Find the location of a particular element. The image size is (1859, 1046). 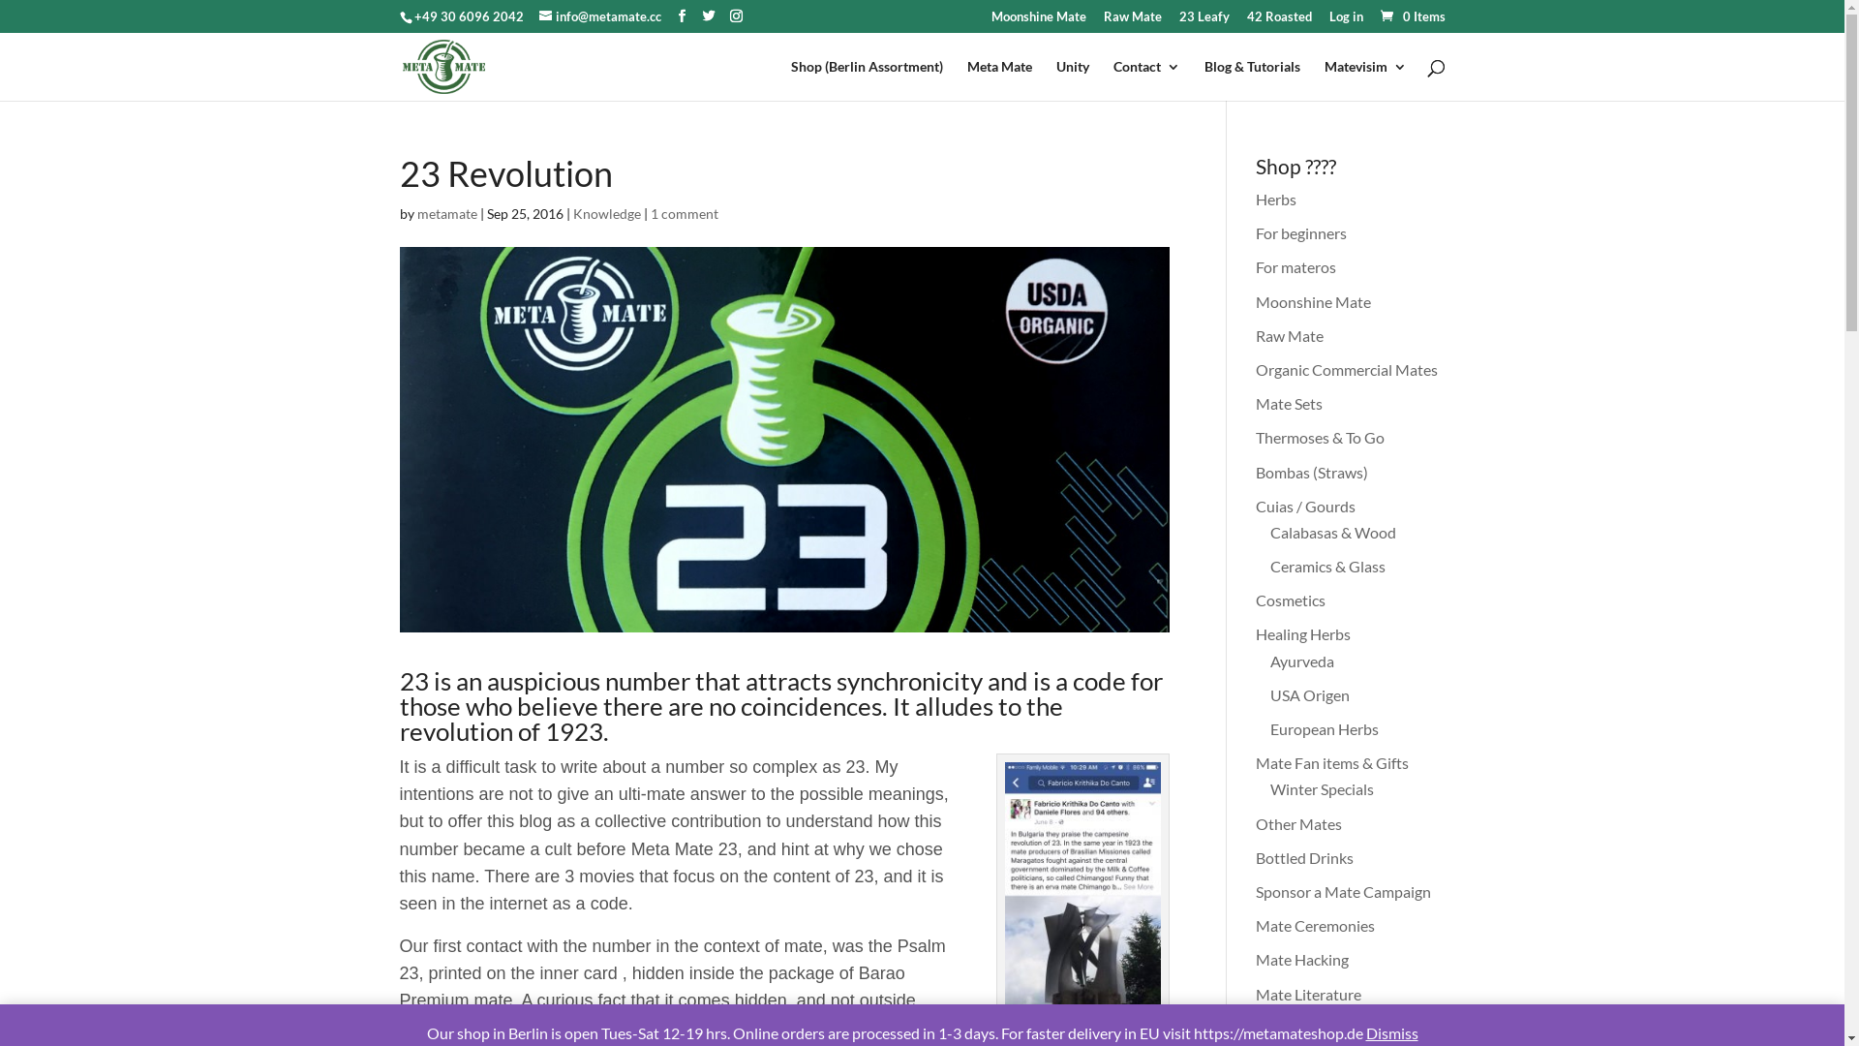

'Mate Ceremonies' is located at coordinates (1315, 924).